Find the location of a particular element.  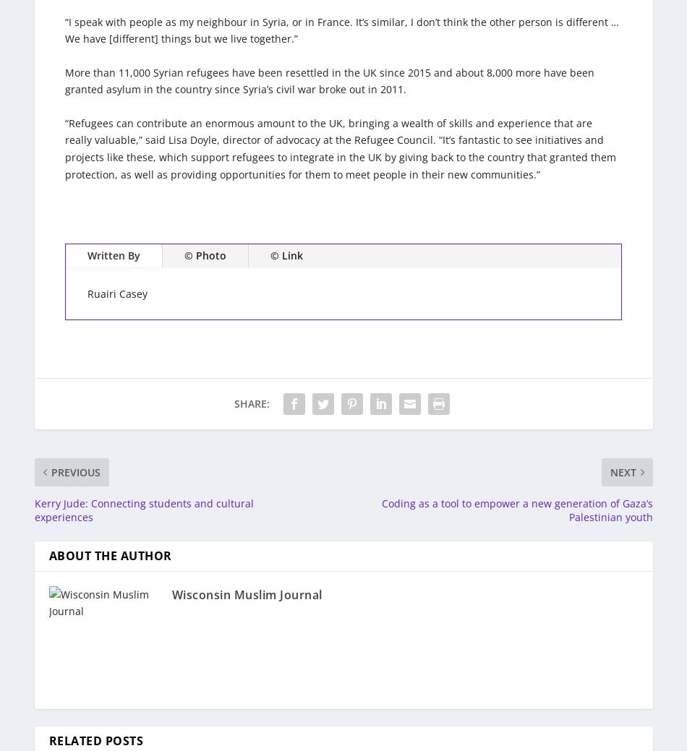

'“Refugees can contribute an enormous amount to the UK, bringing a wealth of skills and experience that are really valuable,” said Lisa Doyle, director of advocacy at the Refugee Council. “It’s fantastic to see initiatives and projects like these, which support refugees to integrate in the UK by giving back to the country that granted them protection, as well as providing opportunities for them to meet people in their new communities.”' is located at coordinates (340, 148).